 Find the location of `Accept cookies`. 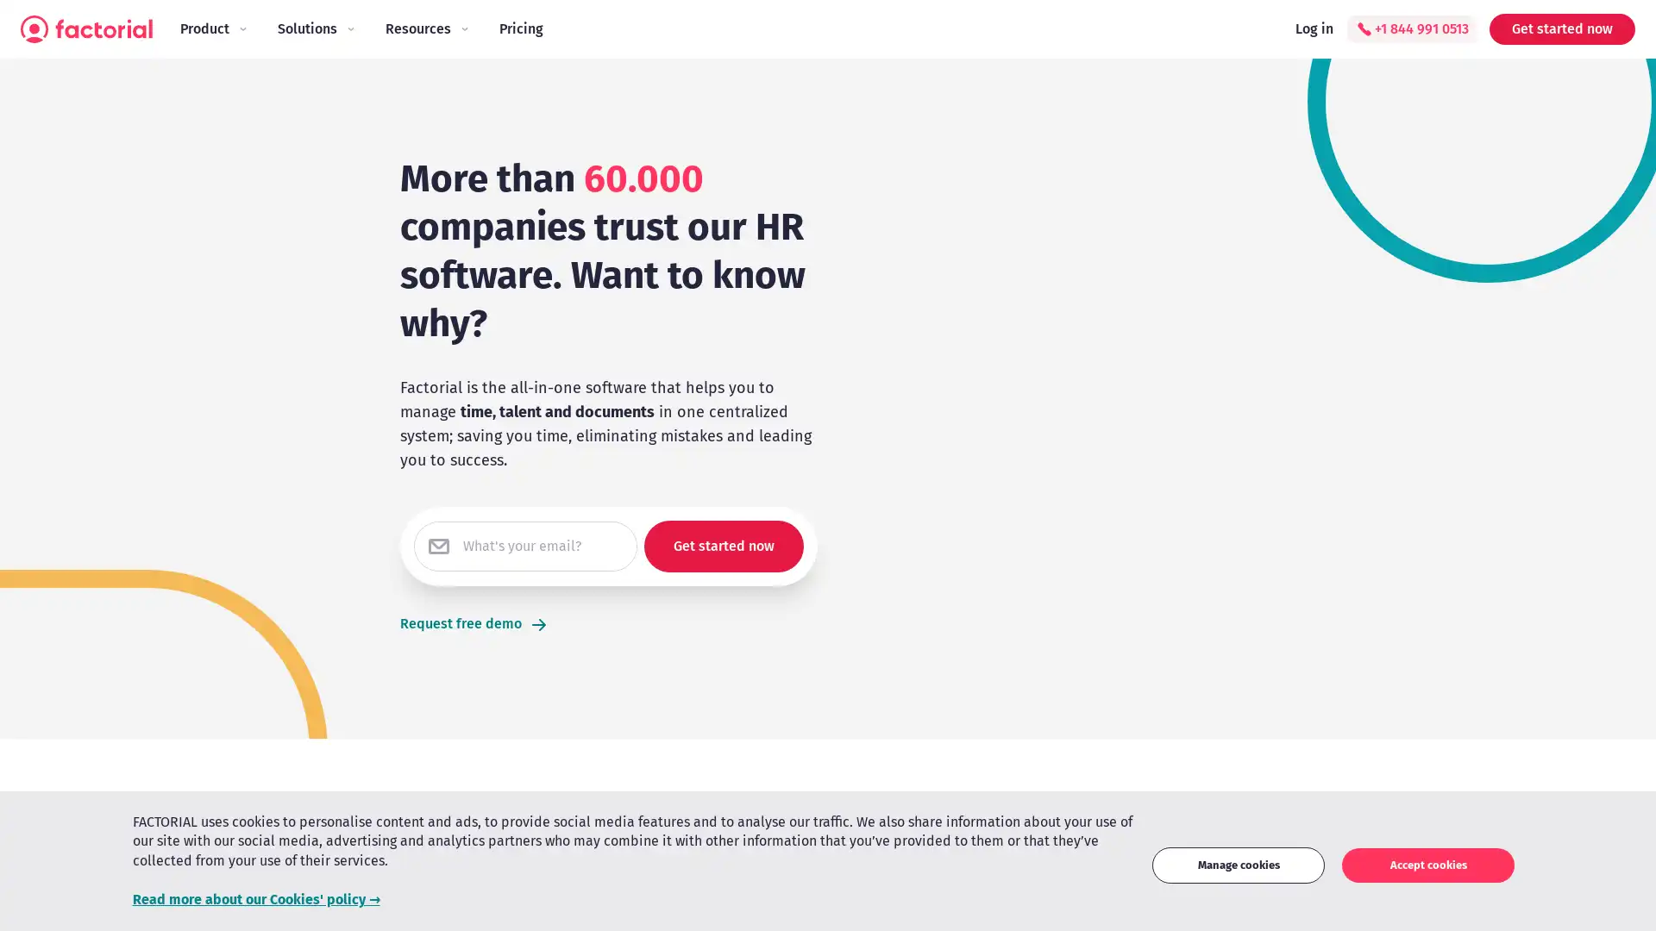

Accept cookies is located at coordinates (1428, 865).